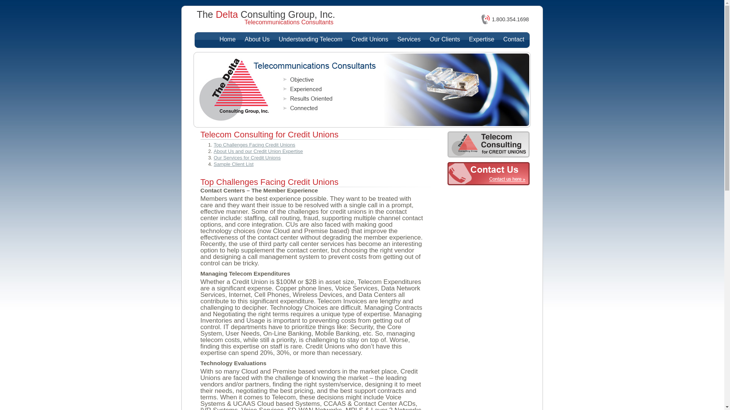  I want to click on 'Home', so click(227, 39).